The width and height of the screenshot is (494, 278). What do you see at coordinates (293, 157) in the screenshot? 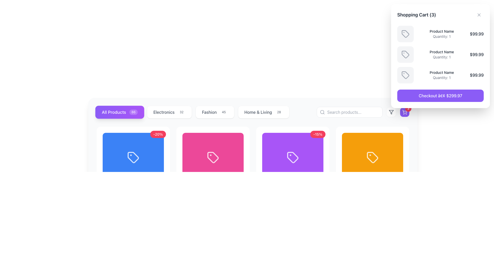
I see `the clickable card element with a centered icon` at bounding box center [293, 157].